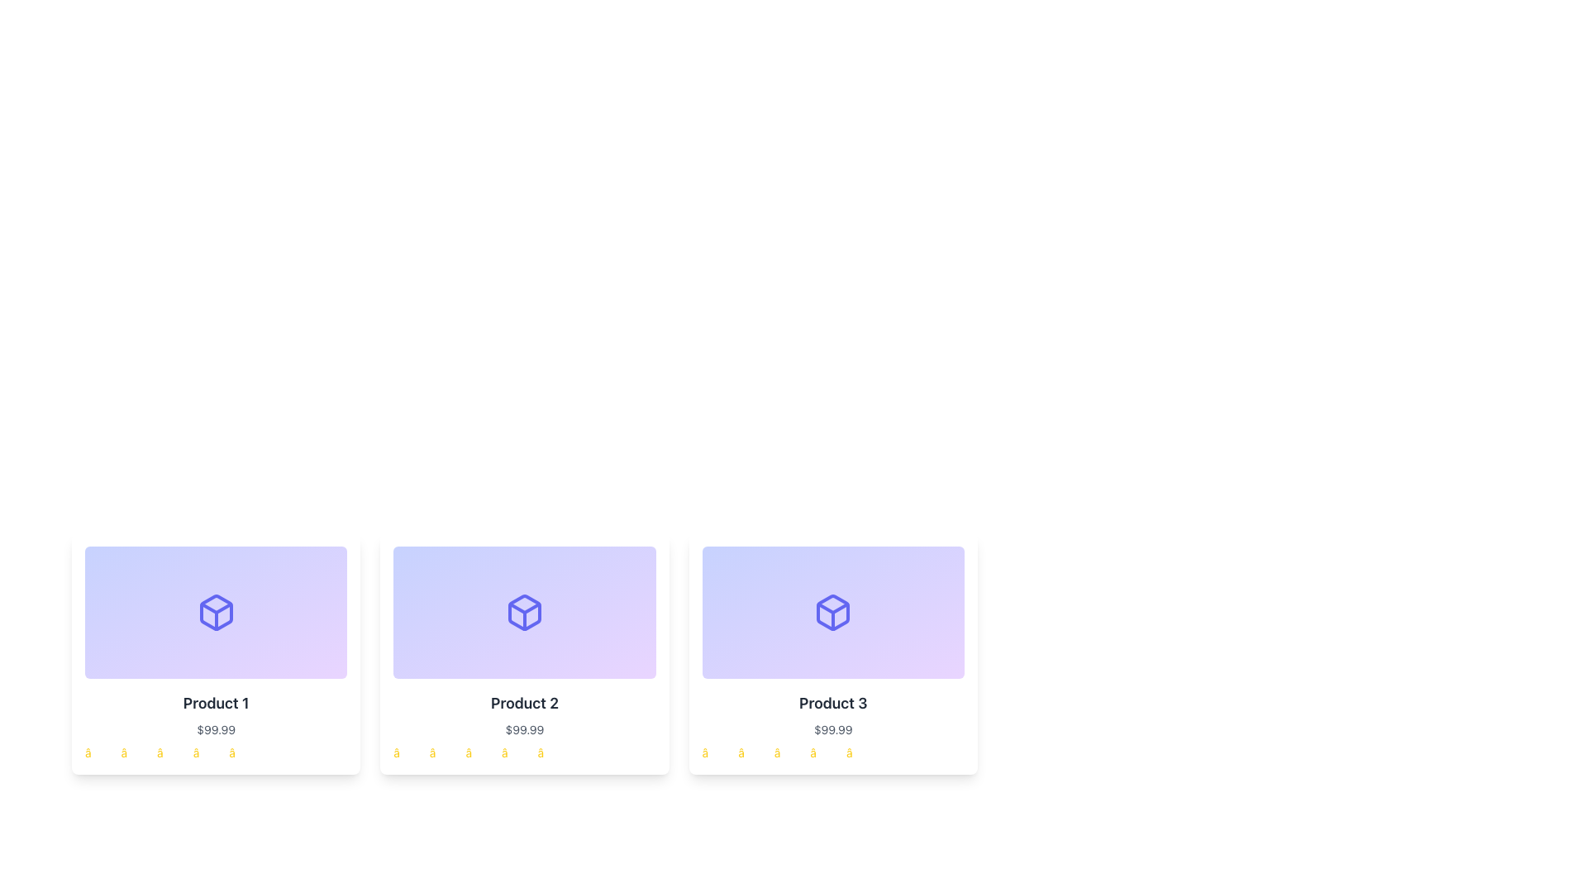 This screenshot has height=893, width=1587. Describe the element at coordinates (523, 652) in the screenshot. I see `the second product card in the grid that displays product information, including title, price, and rating` at that location.